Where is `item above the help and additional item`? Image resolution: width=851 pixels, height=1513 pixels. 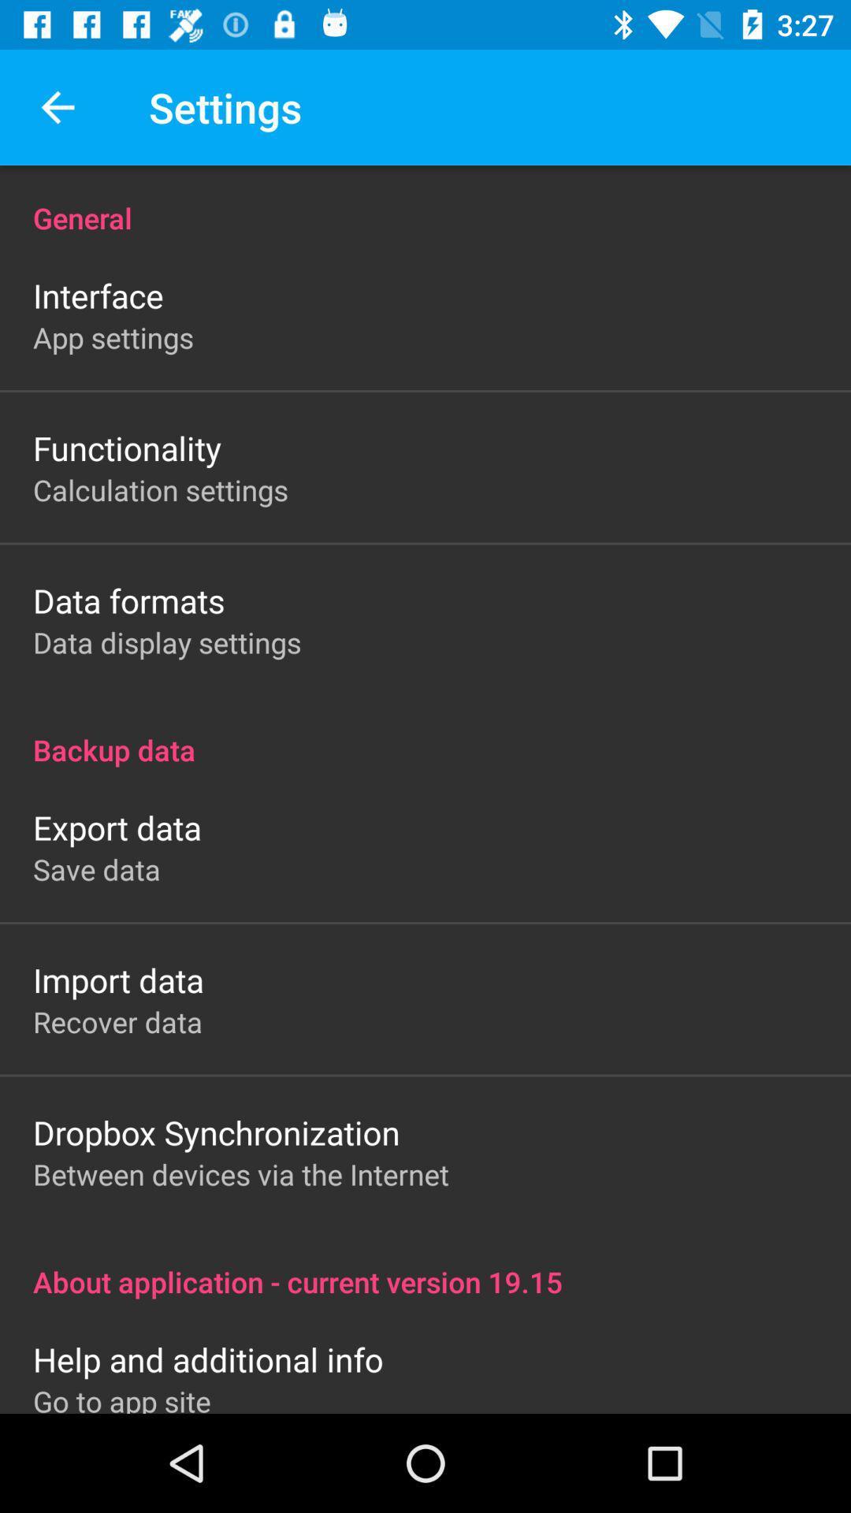 item above the help and additional item is located at coordinates (425, 1265).